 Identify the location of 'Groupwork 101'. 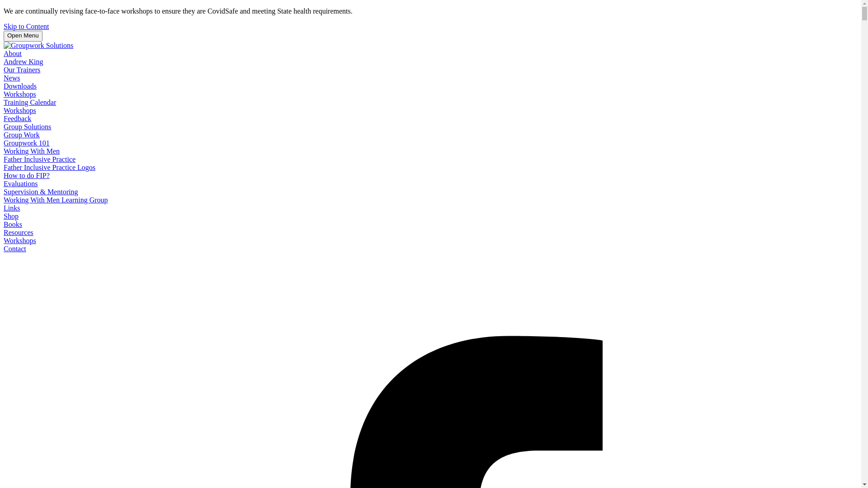
(4, 142).